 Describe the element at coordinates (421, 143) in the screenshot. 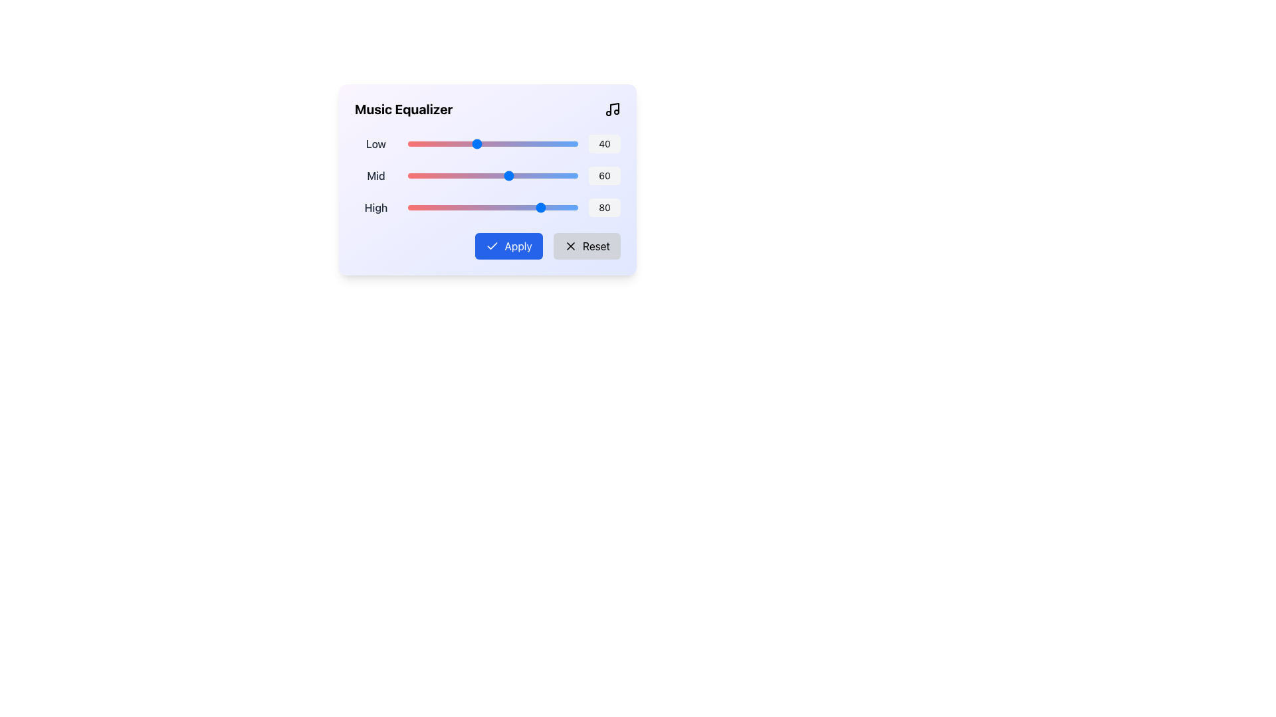

I see `the Low frequency equalizer value` at that location.